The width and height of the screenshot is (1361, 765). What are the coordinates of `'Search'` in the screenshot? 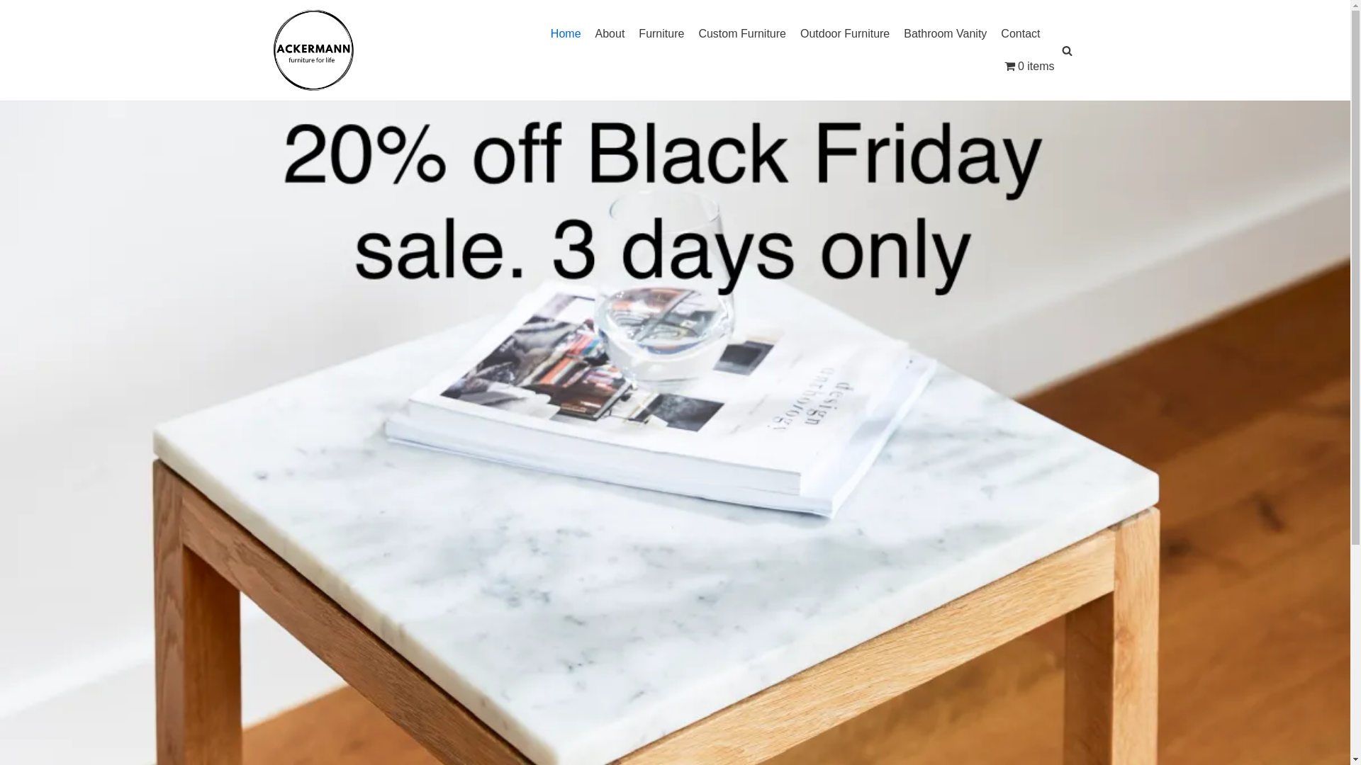 It's located at (1063, 382).